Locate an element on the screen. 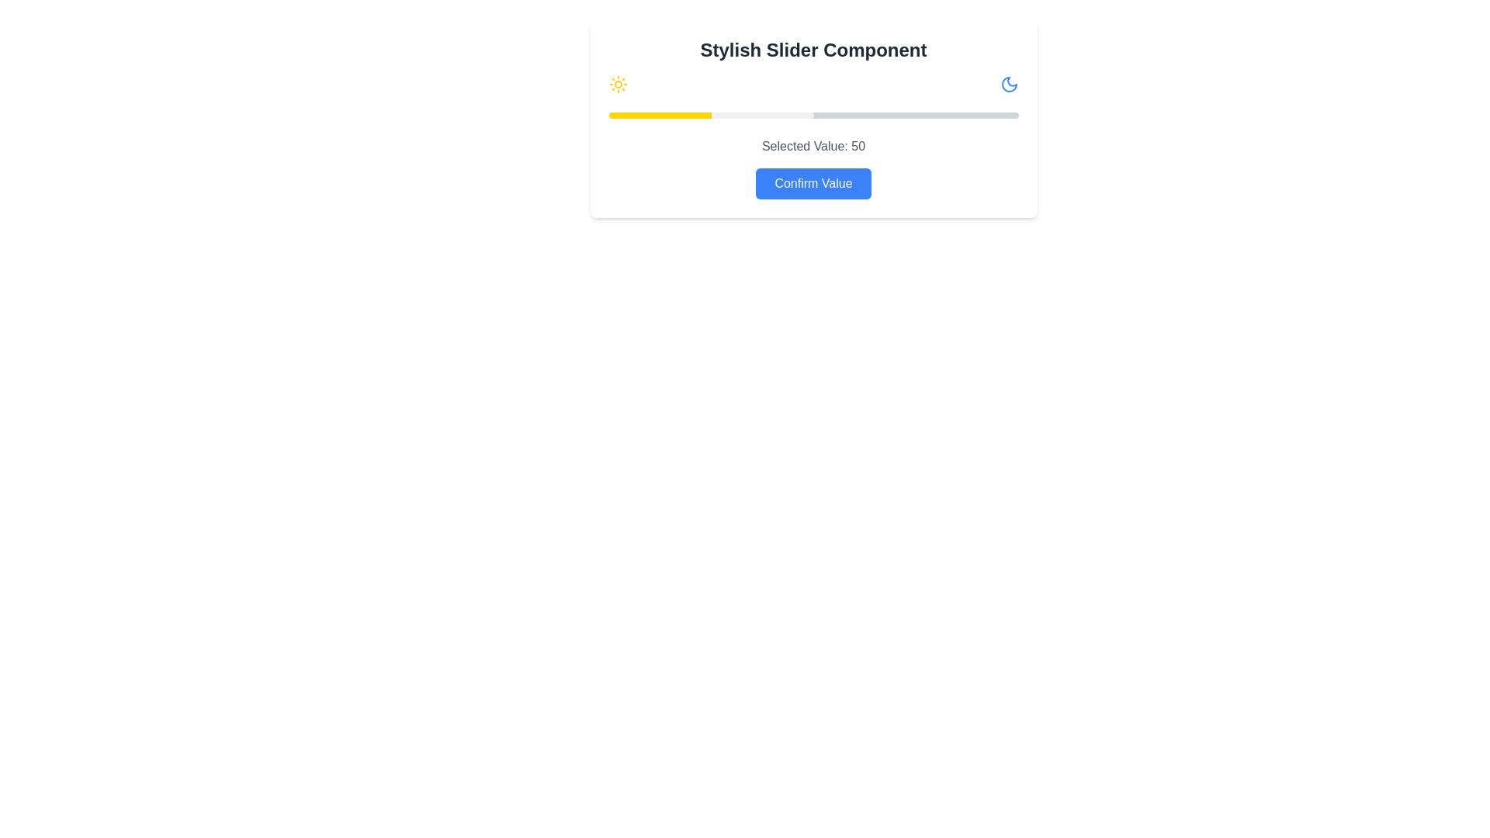 This screenshot has height=838, width=1490. the slider handle to set the value to 15 is located at coordinates (670, 115).